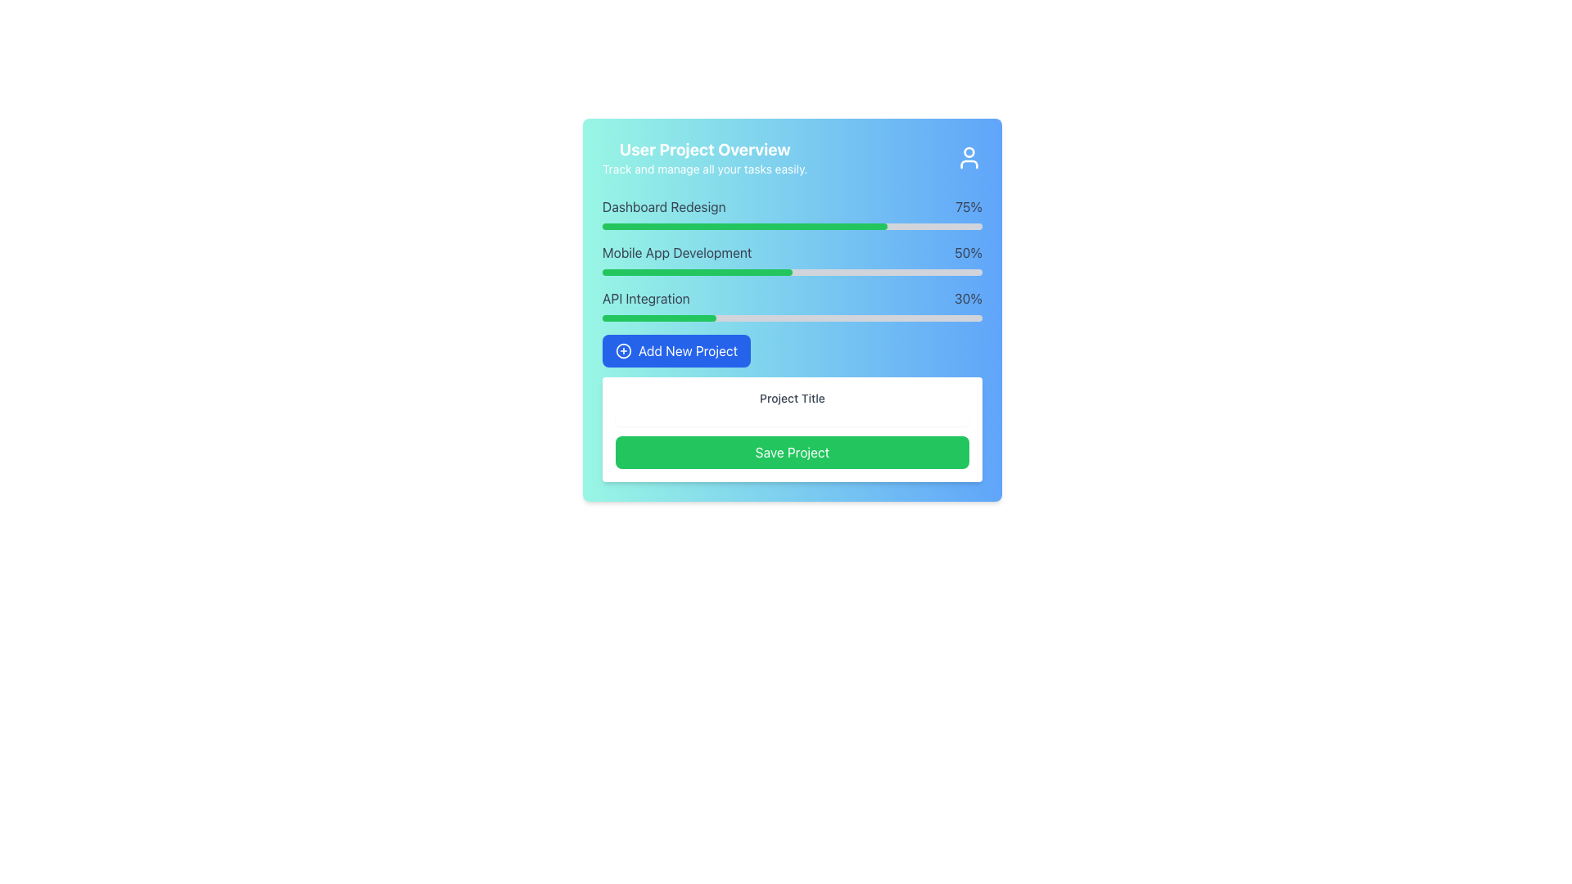 This screenshot has height=884, width=1572. Describe the element at coordinates (705, 169) in the screenshot. I see `the supplementary text label that provides context for the 'User Project Overview' heading, which is centrally aligned below the title` at that location.